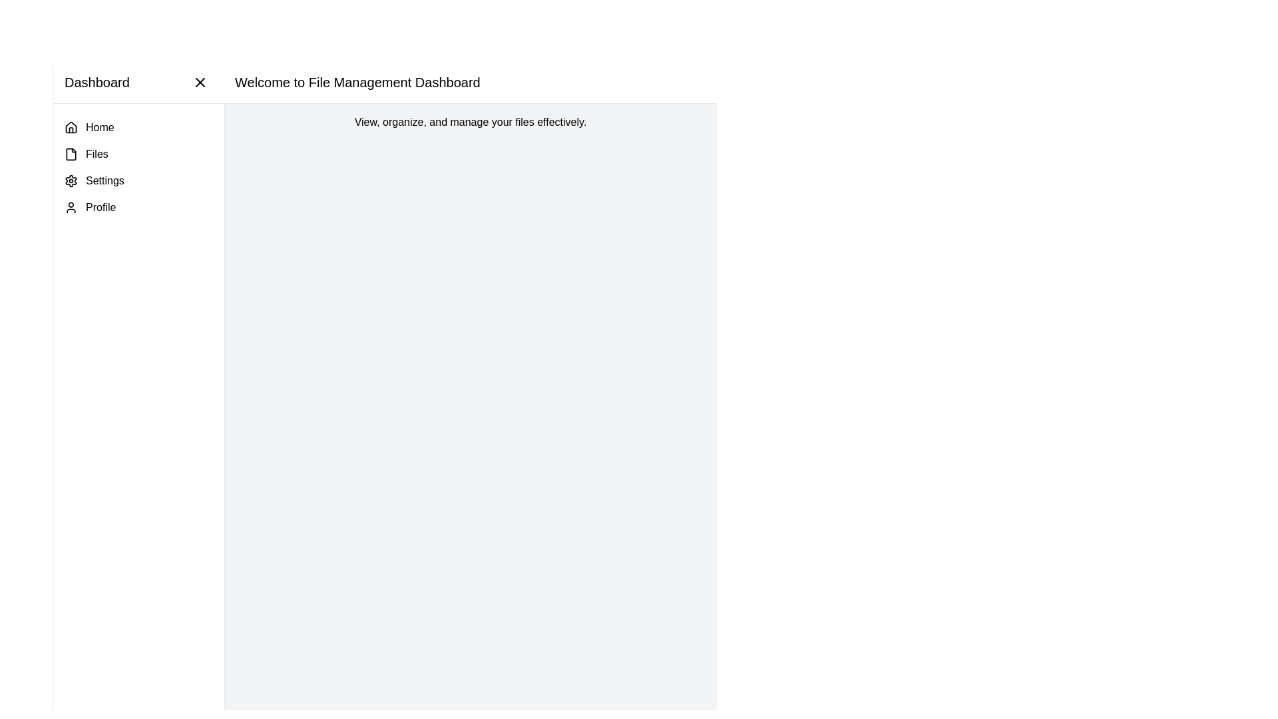 Image resolution: width=1278 pixels, height=719 pixels. I want to click on the 'Files' link button in the left sidebar, so click(139, 153).